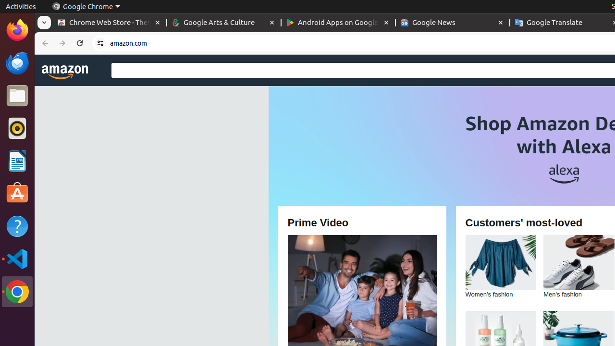 The width and height of the screenshot is (615, 346). I want to click on 'Help', so click(17, 226).